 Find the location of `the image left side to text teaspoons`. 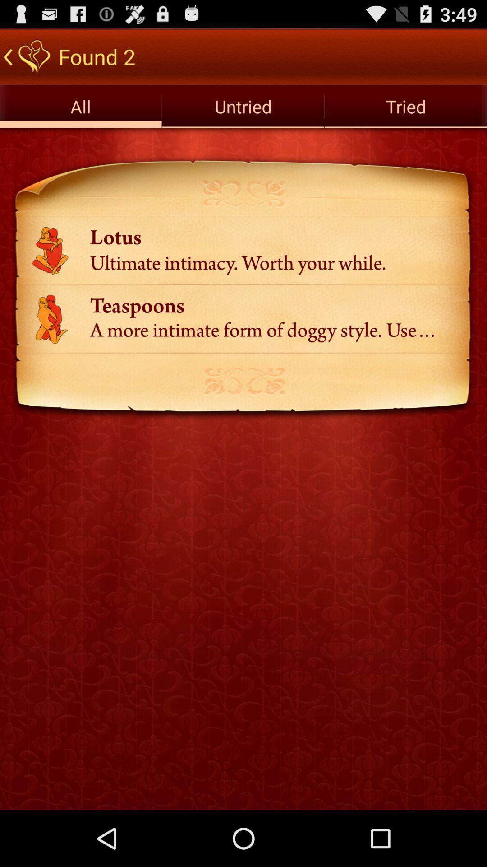

the image left side to text teaspoons is located at coordinates (51, 319).